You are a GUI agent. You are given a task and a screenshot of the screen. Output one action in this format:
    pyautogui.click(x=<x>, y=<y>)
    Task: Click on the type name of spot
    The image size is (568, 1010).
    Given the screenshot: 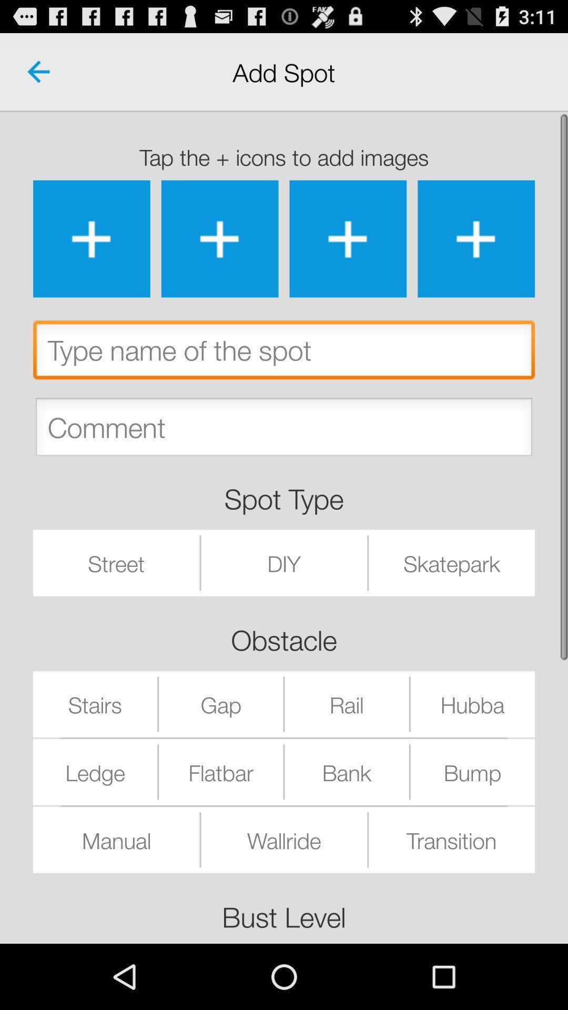 What is the action you would take?
    pyautogui.click(x=284, y=352)
    